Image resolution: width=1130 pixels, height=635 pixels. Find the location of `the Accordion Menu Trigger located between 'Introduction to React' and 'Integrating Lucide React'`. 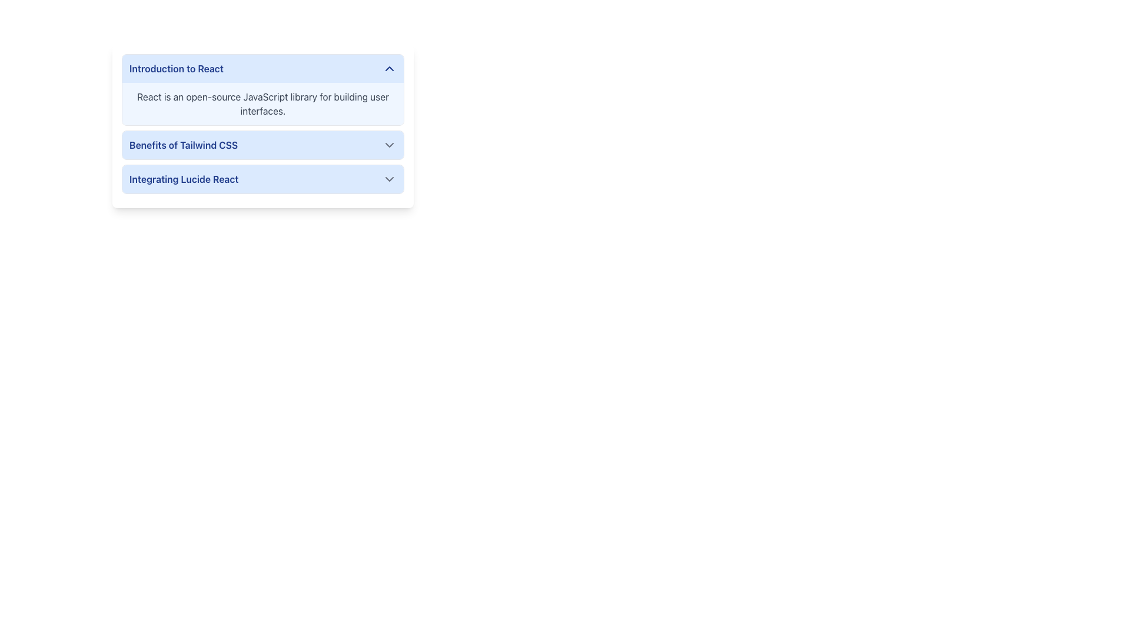

the Accordion Menu Trigger located between 'Introduction to React' and 'Integrating Lucide React' is located at coordinates (262, 144).